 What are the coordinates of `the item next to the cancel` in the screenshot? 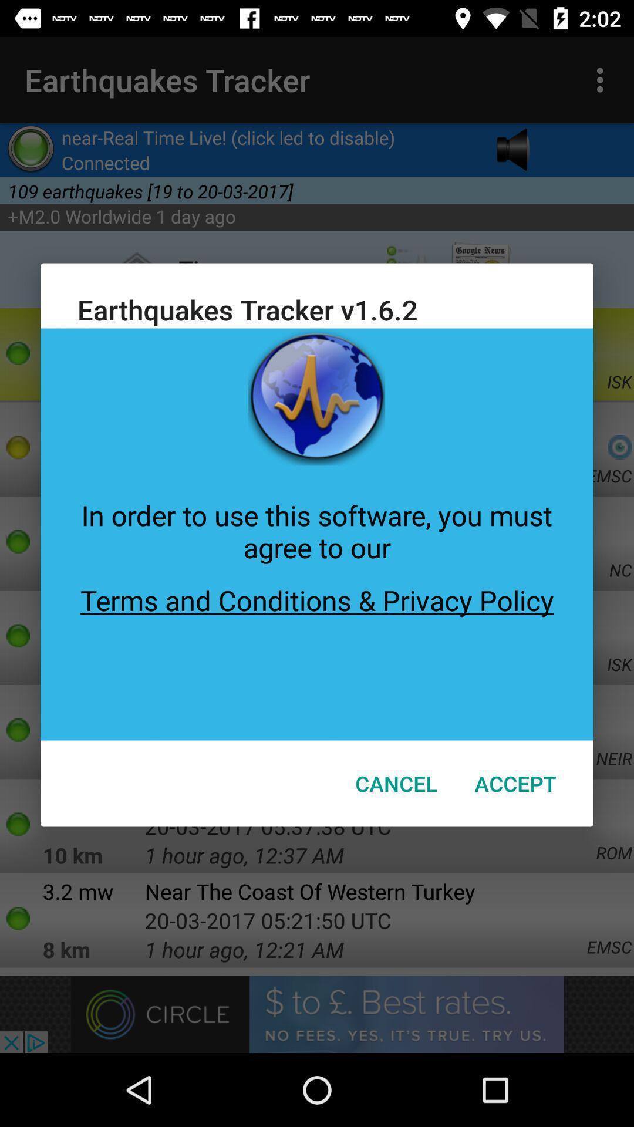 It's located at (515, 783).